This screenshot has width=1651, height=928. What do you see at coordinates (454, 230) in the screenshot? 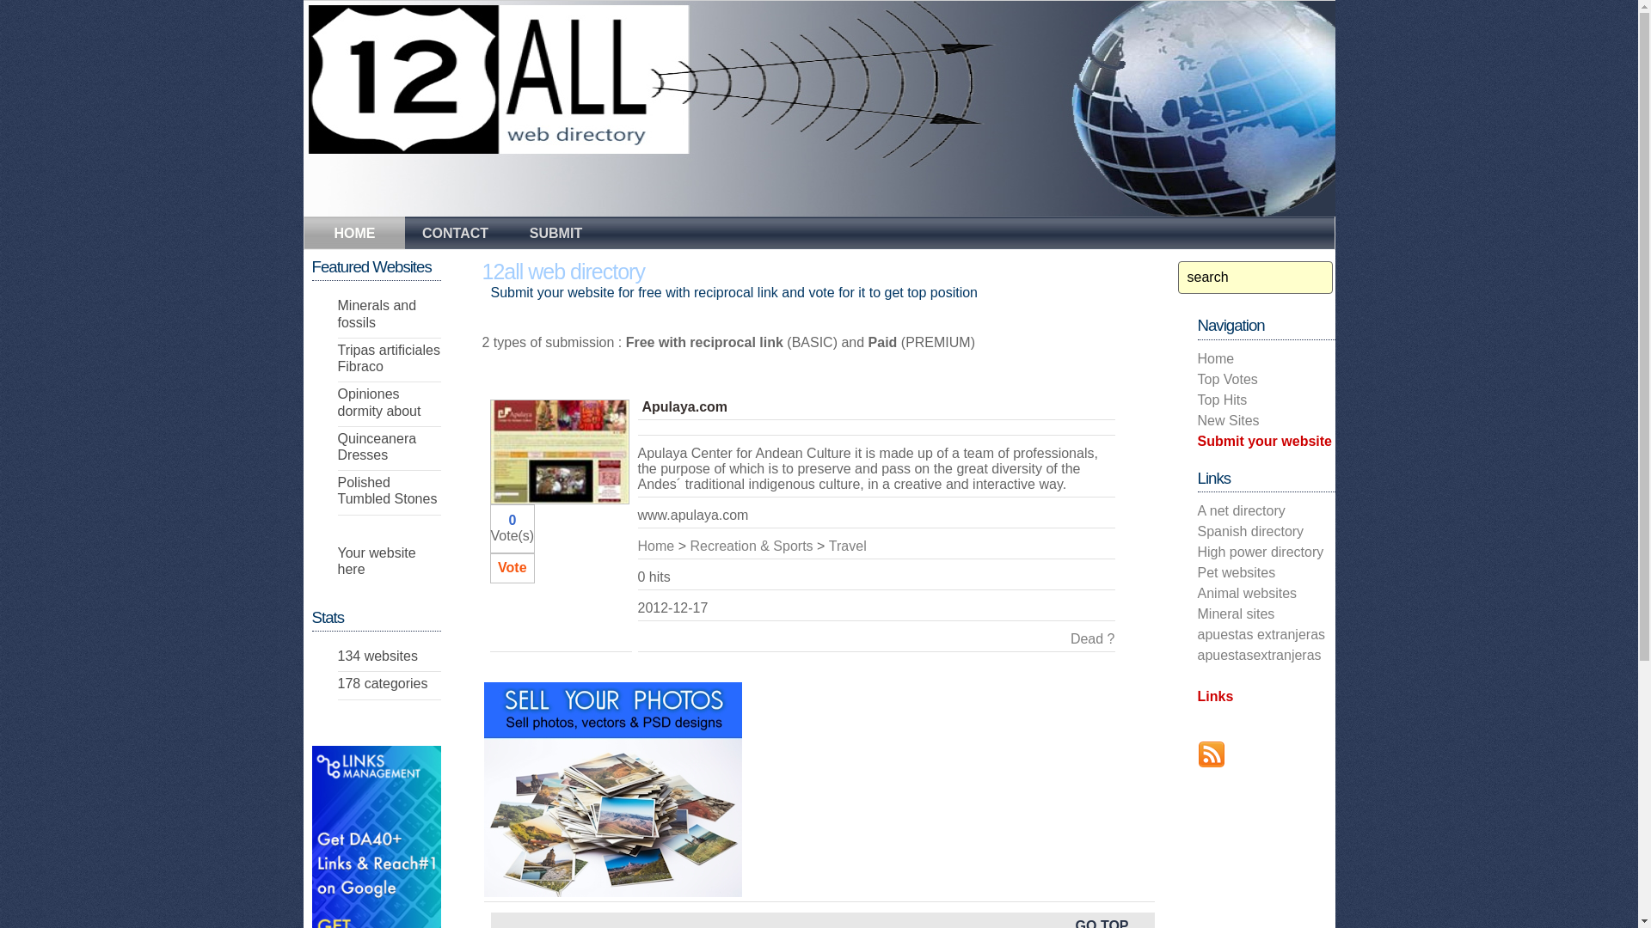
I see `'CONTACT'` at bounding box center [454, 230].